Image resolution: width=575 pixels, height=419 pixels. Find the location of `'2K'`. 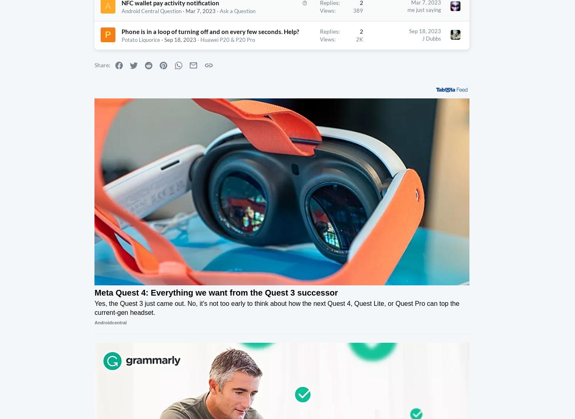

'2K' is located at coordinates (325, 55).